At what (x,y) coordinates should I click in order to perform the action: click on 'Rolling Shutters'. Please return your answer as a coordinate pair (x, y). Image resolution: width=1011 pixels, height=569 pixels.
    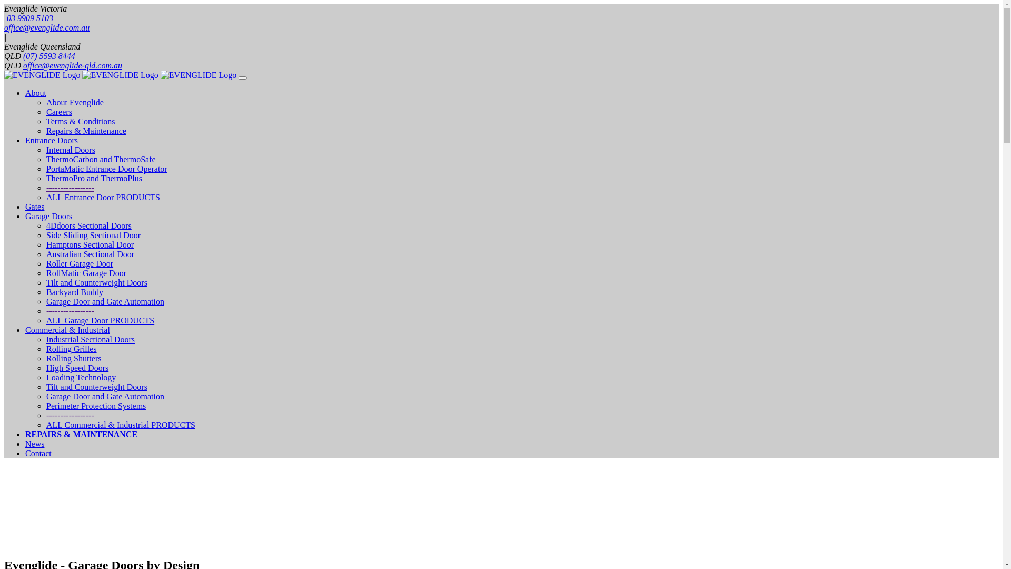
    Looking at the image, I should click on (45, 358).